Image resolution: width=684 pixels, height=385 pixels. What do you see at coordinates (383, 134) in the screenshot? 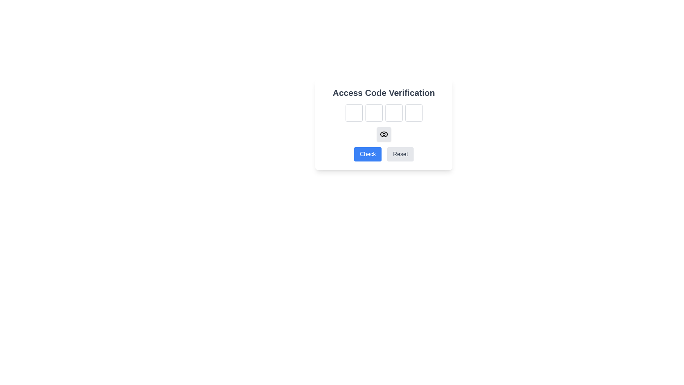
I see `the rounded, gray-colored button with a shadow effect containing an eye icon` at bounding box center [383, 134].